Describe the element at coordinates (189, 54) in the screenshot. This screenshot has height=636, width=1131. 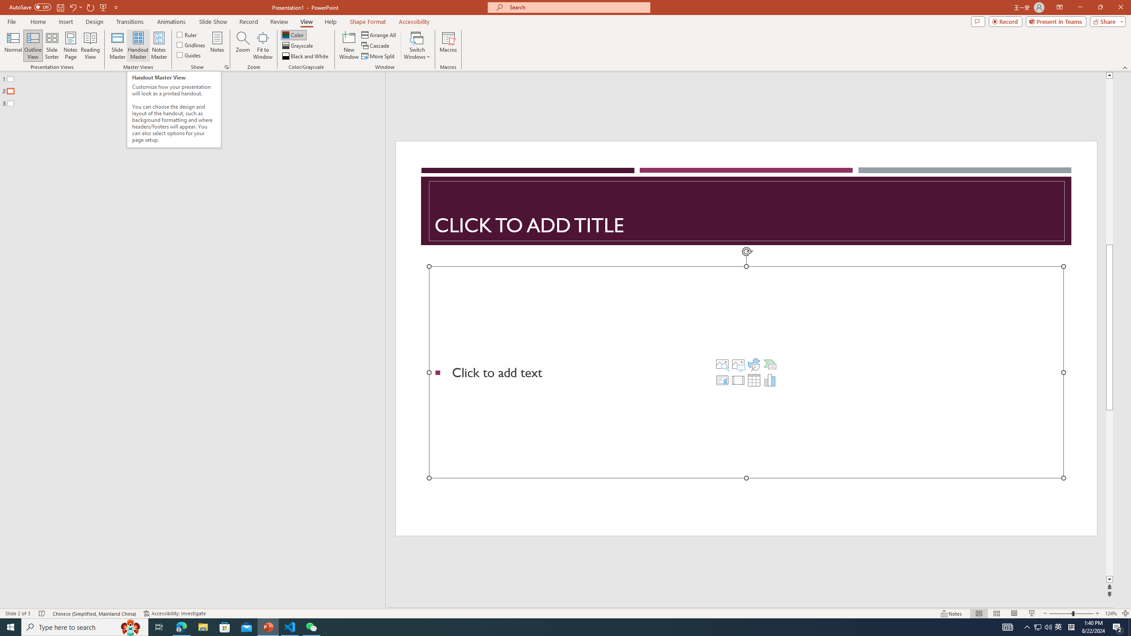
I see `'Guides'` at that location.